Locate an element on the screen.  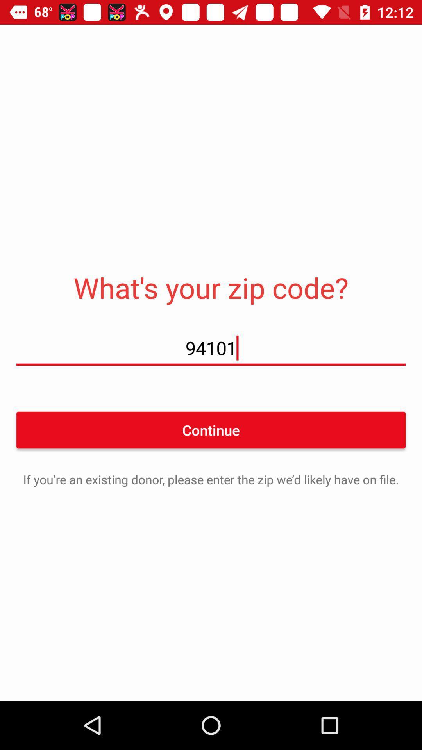
the icon above continue icon is located at coordinates (211, 347).